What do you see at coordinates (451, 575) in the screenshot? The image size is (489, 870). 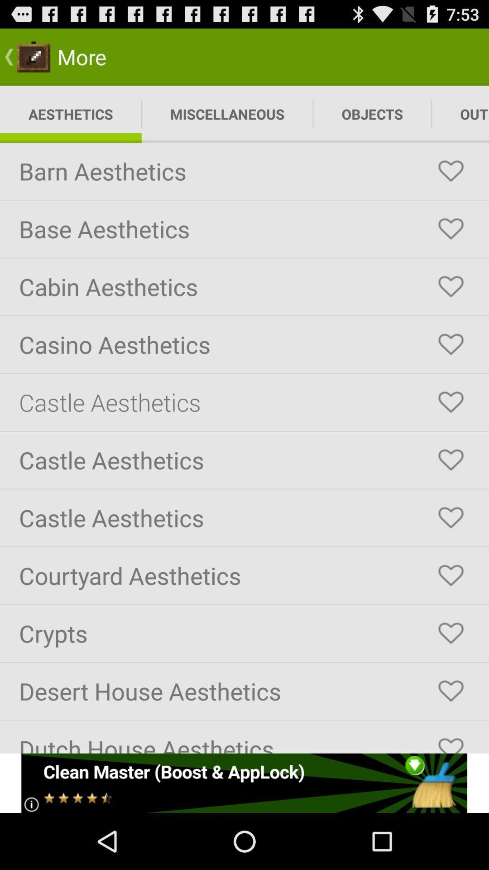 I see `courtyard aesthetics` at bounding box center [451, 575].